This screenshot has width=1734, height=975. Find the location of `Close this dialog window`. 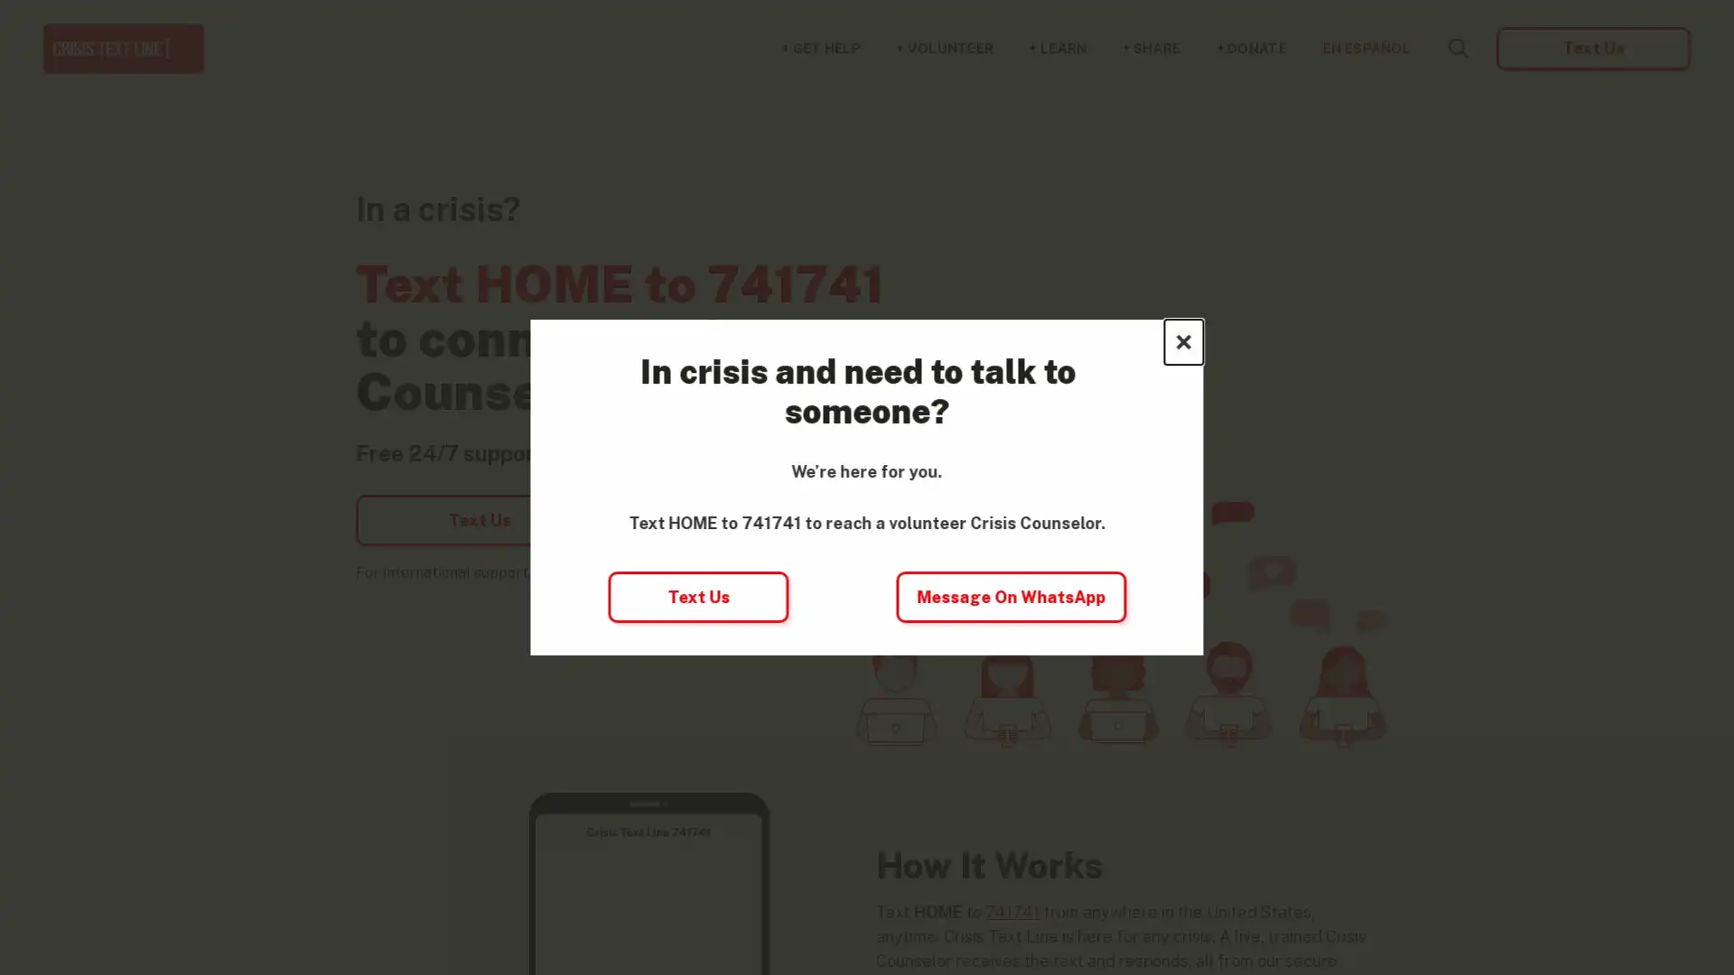

Close this dialog window is located at coordinates (1183, 341).